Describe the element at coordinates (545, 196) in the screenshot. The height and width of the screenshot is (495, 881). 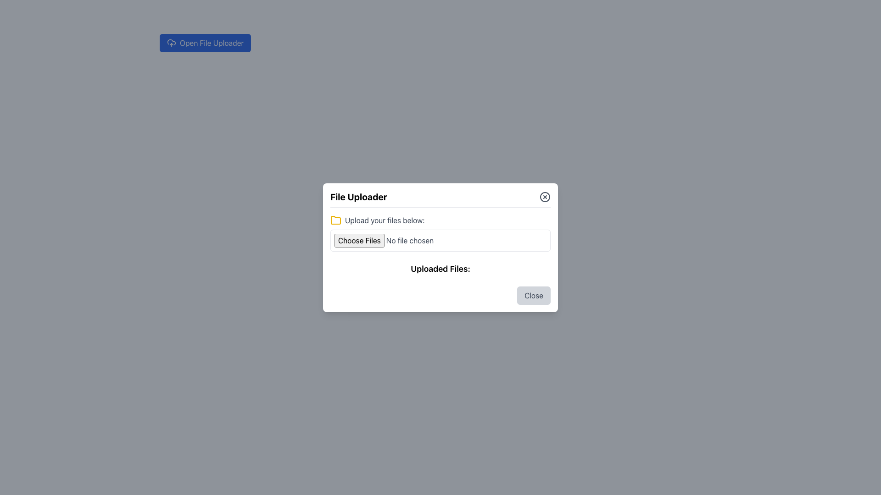
I see `the close button located in the top-right corner of the 'File Uploader' modal` at that location.